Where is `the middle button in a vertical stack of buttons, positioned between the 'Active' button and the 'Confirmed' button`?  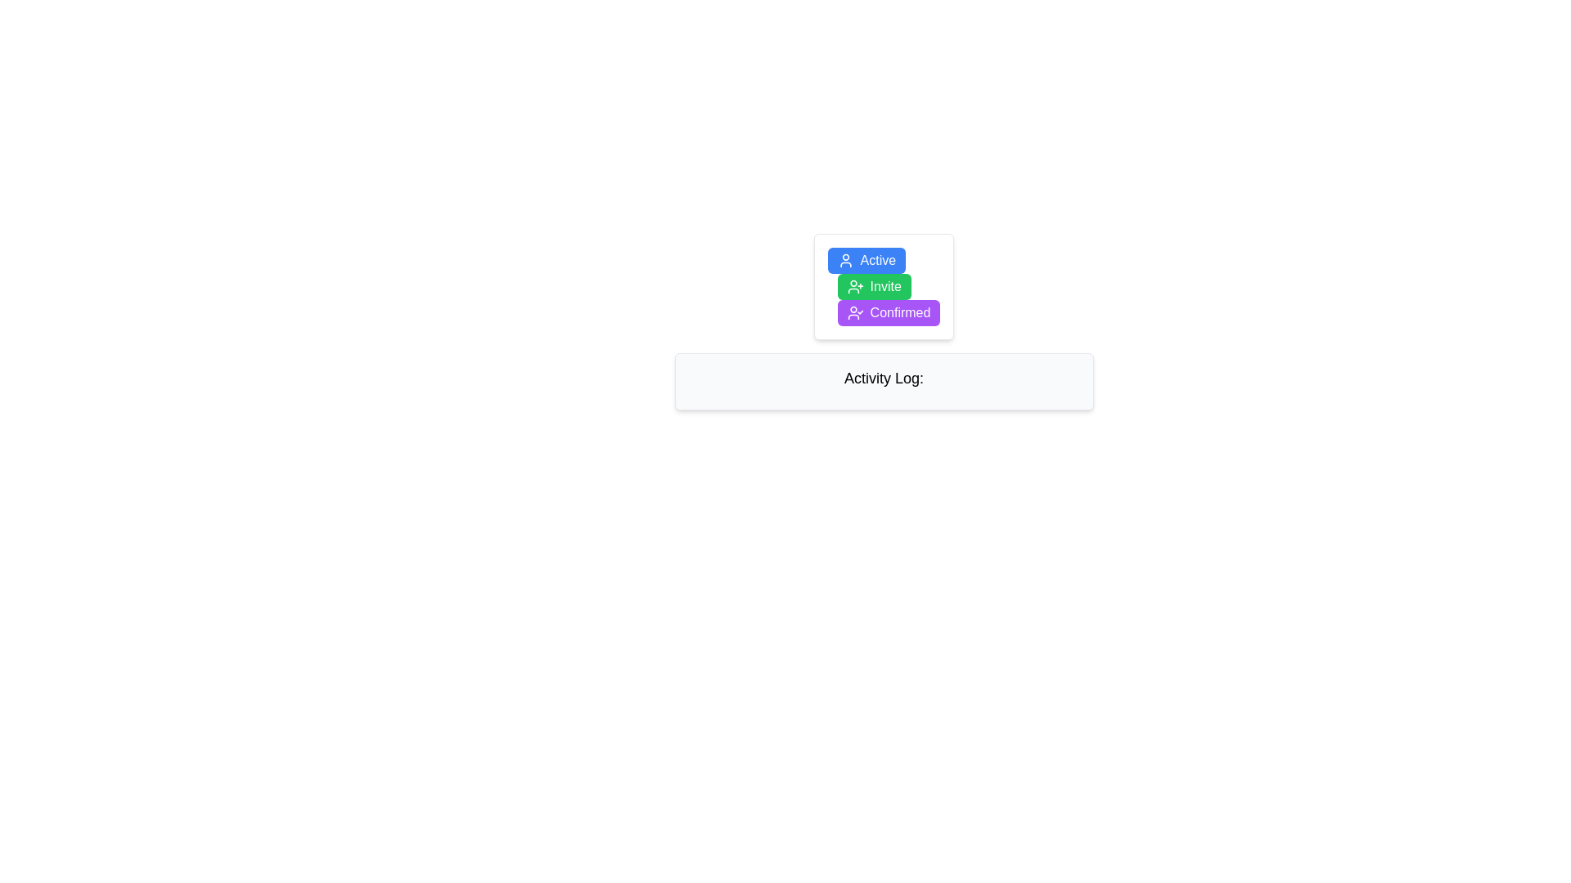
the middle button in a vertical stack of buttons, positioned between the 'Active' button and the 'Confirmed' button is located at coordinates (883, 286).